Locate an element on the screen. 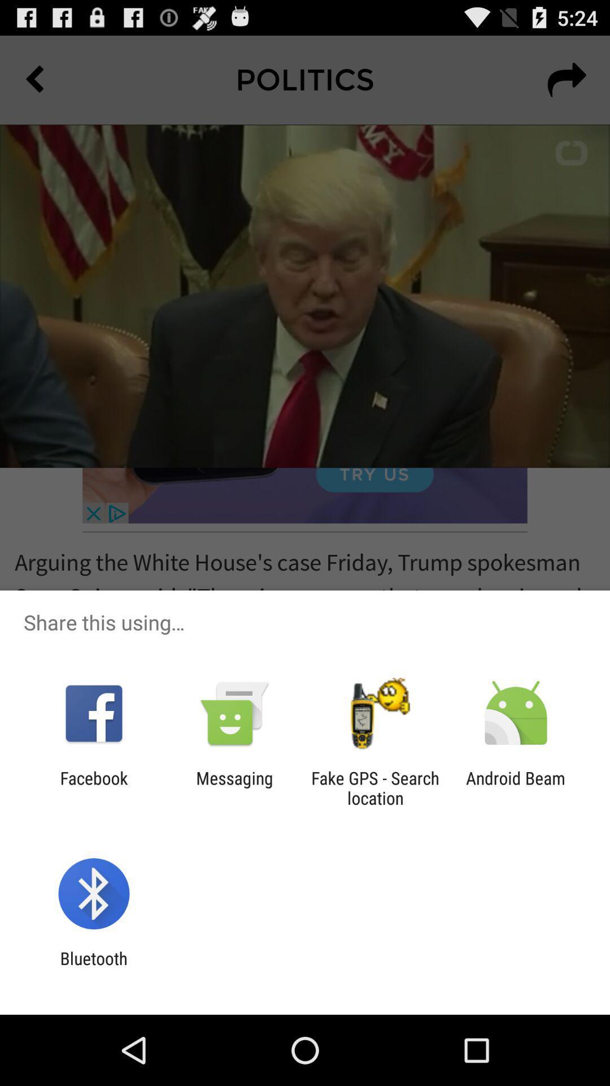 The width and height of the screenshot is (610, 1086). the app to the right of the fake gps search item is located at coordinates (516, 787).